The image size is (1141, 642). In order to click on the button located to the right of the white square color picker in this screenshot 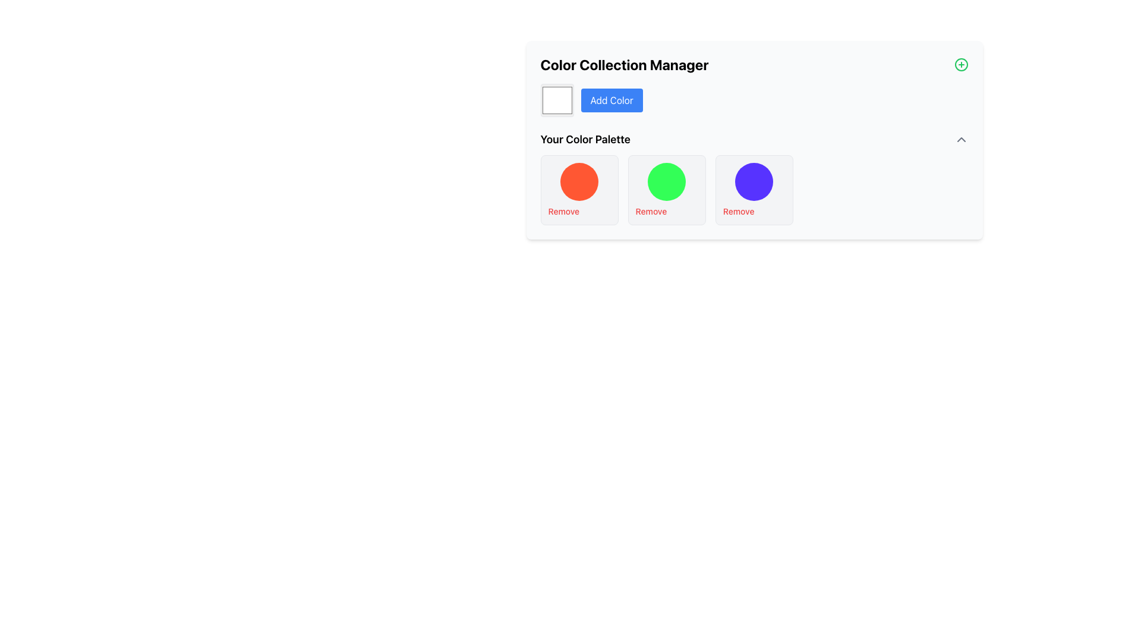, I will do `click(612, 100)`.